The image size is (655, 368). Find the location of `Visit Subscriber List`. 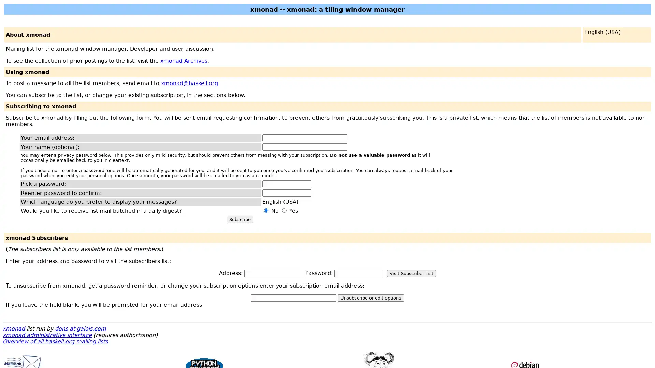

Visit Subscriber List is located at coordinates (411, 273).